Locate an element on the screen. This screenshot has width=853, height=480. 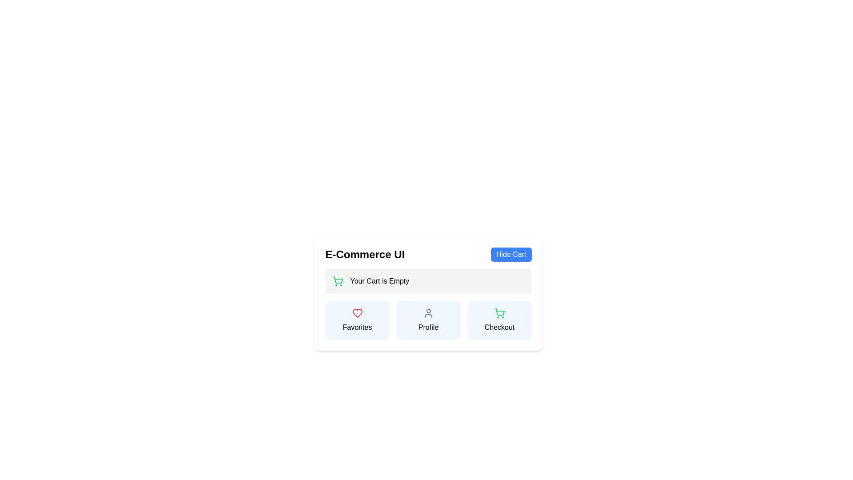
the interactive card located in the middle of the three horizontally aligned cards is located at coordinates (428, 320).